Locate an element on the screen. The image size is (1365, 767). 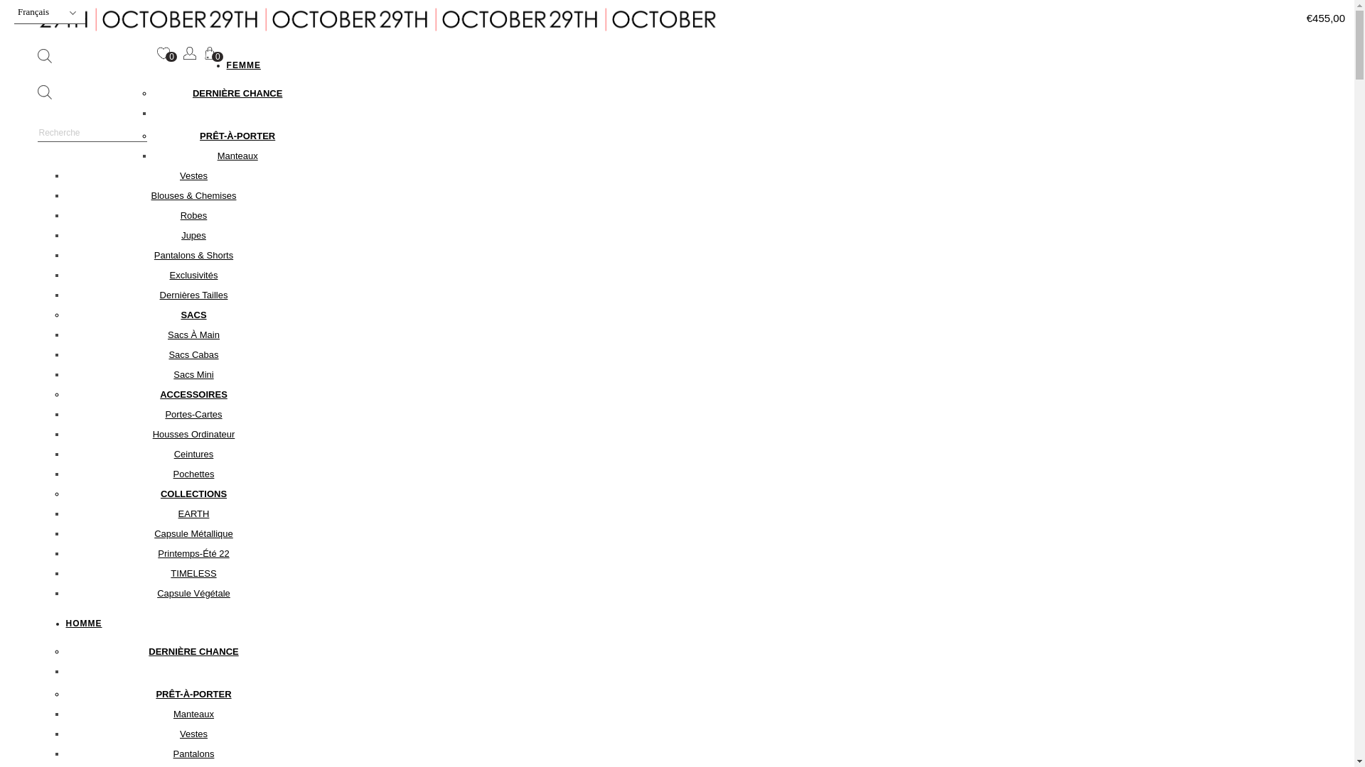
'ACCESSOIRES' is located at coordinates (193, 394).